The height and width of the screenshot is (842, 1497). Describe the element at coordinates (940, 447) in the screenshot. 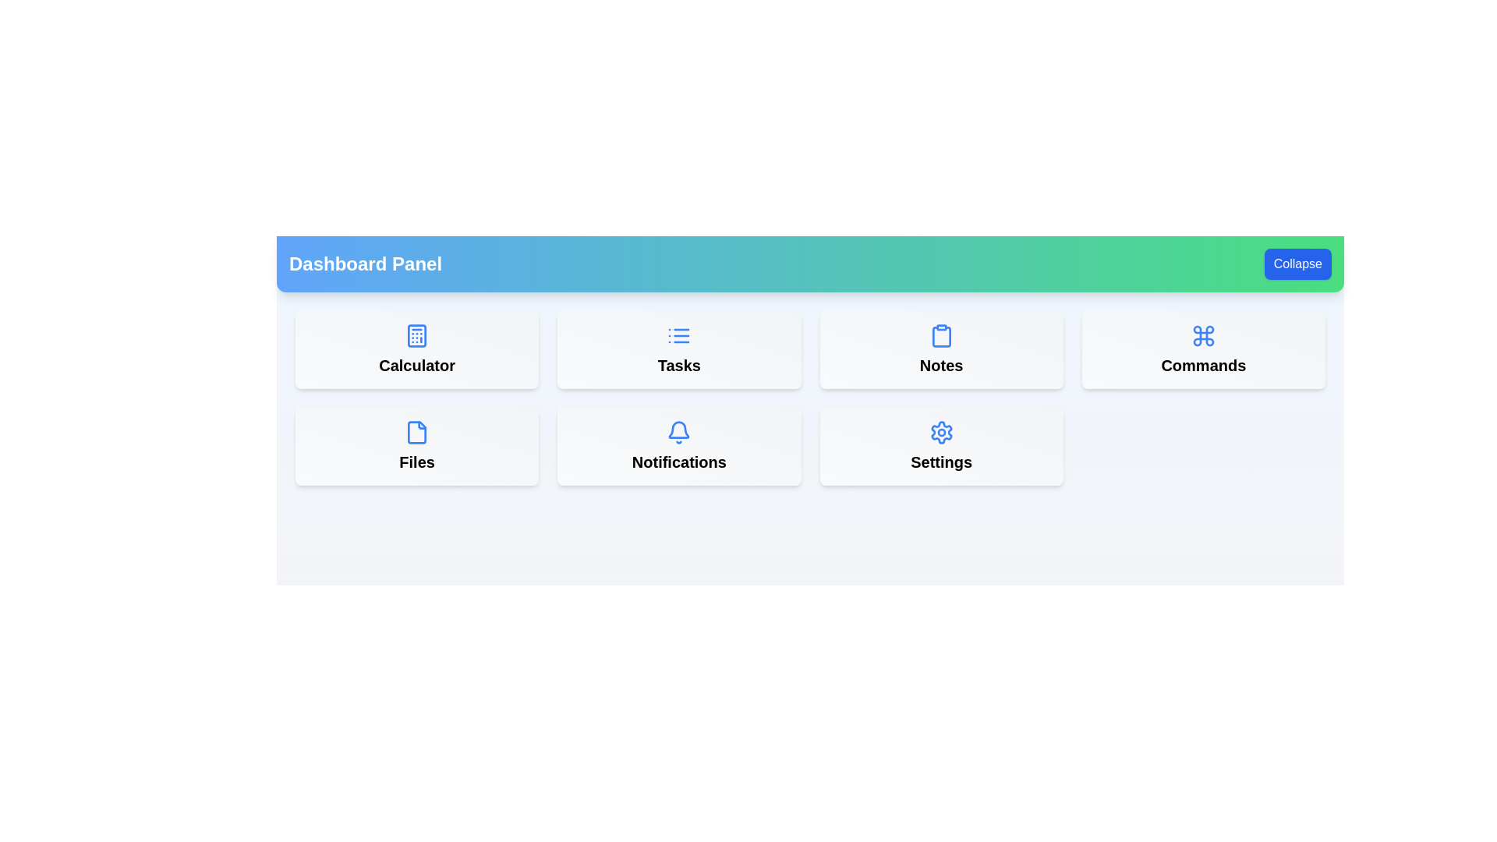

I see `the menu item labeled Settings` at that location.